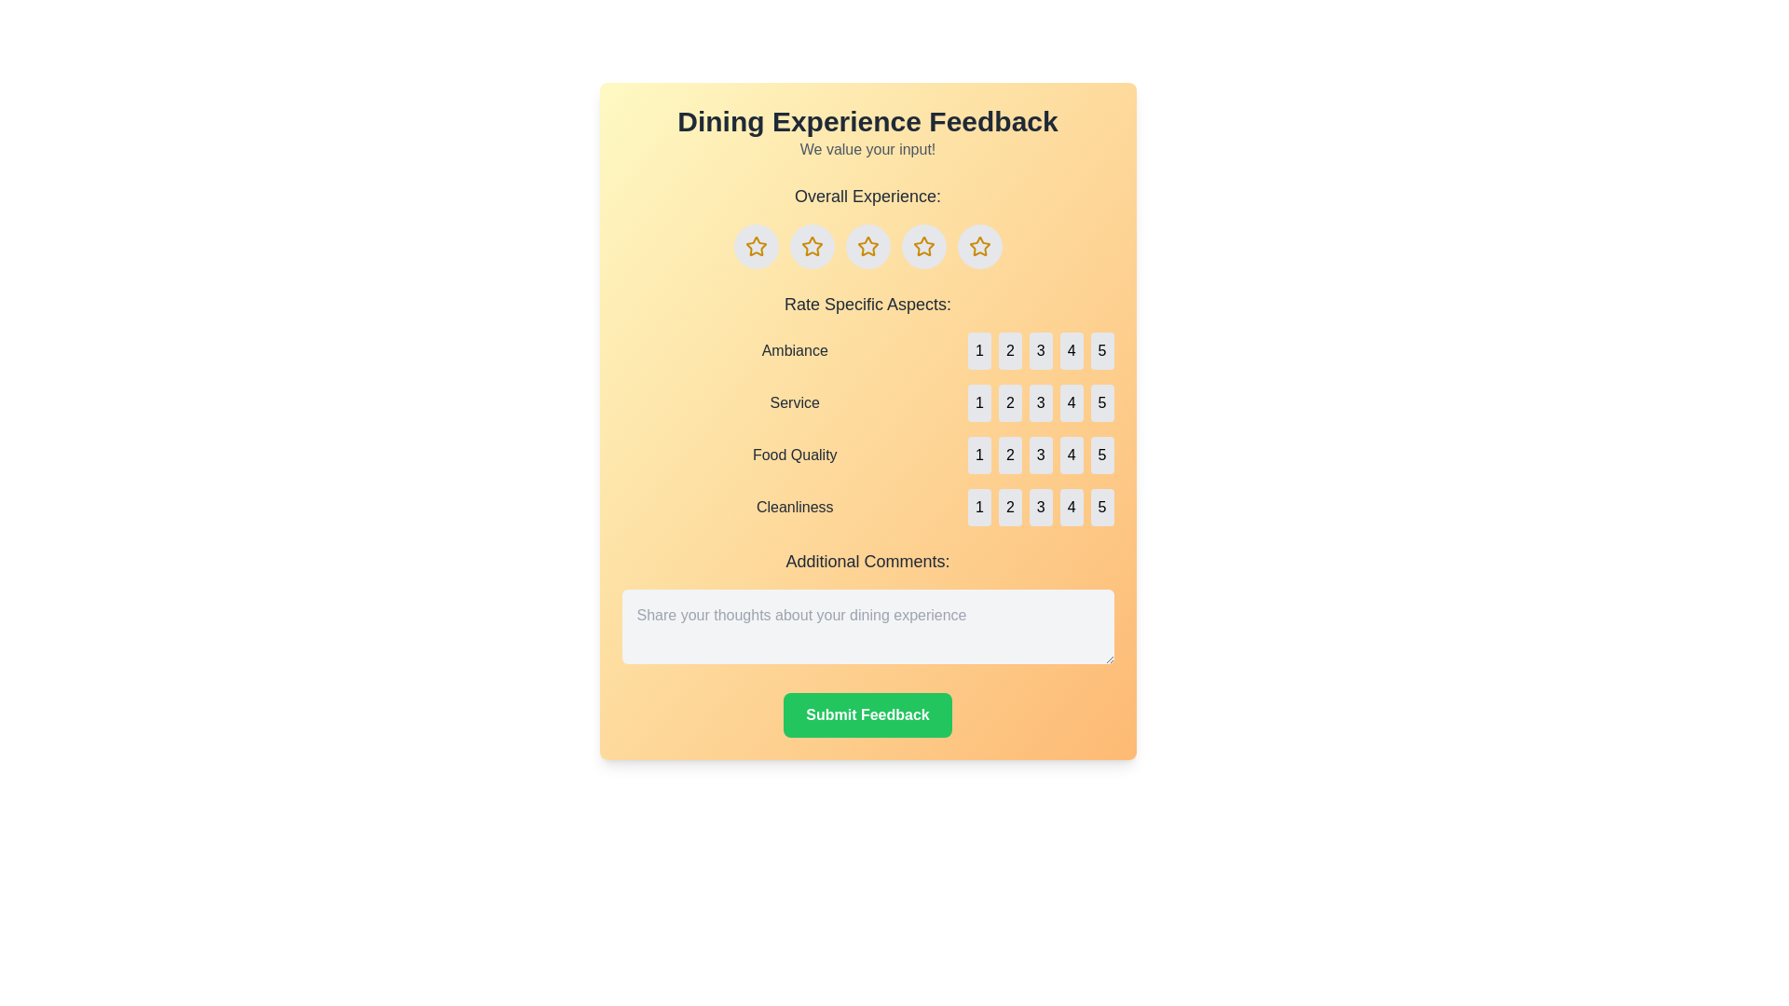  I want to click on the interactive button with a star icon, which is the third button in a row of five used for rating, so click(867, 246).